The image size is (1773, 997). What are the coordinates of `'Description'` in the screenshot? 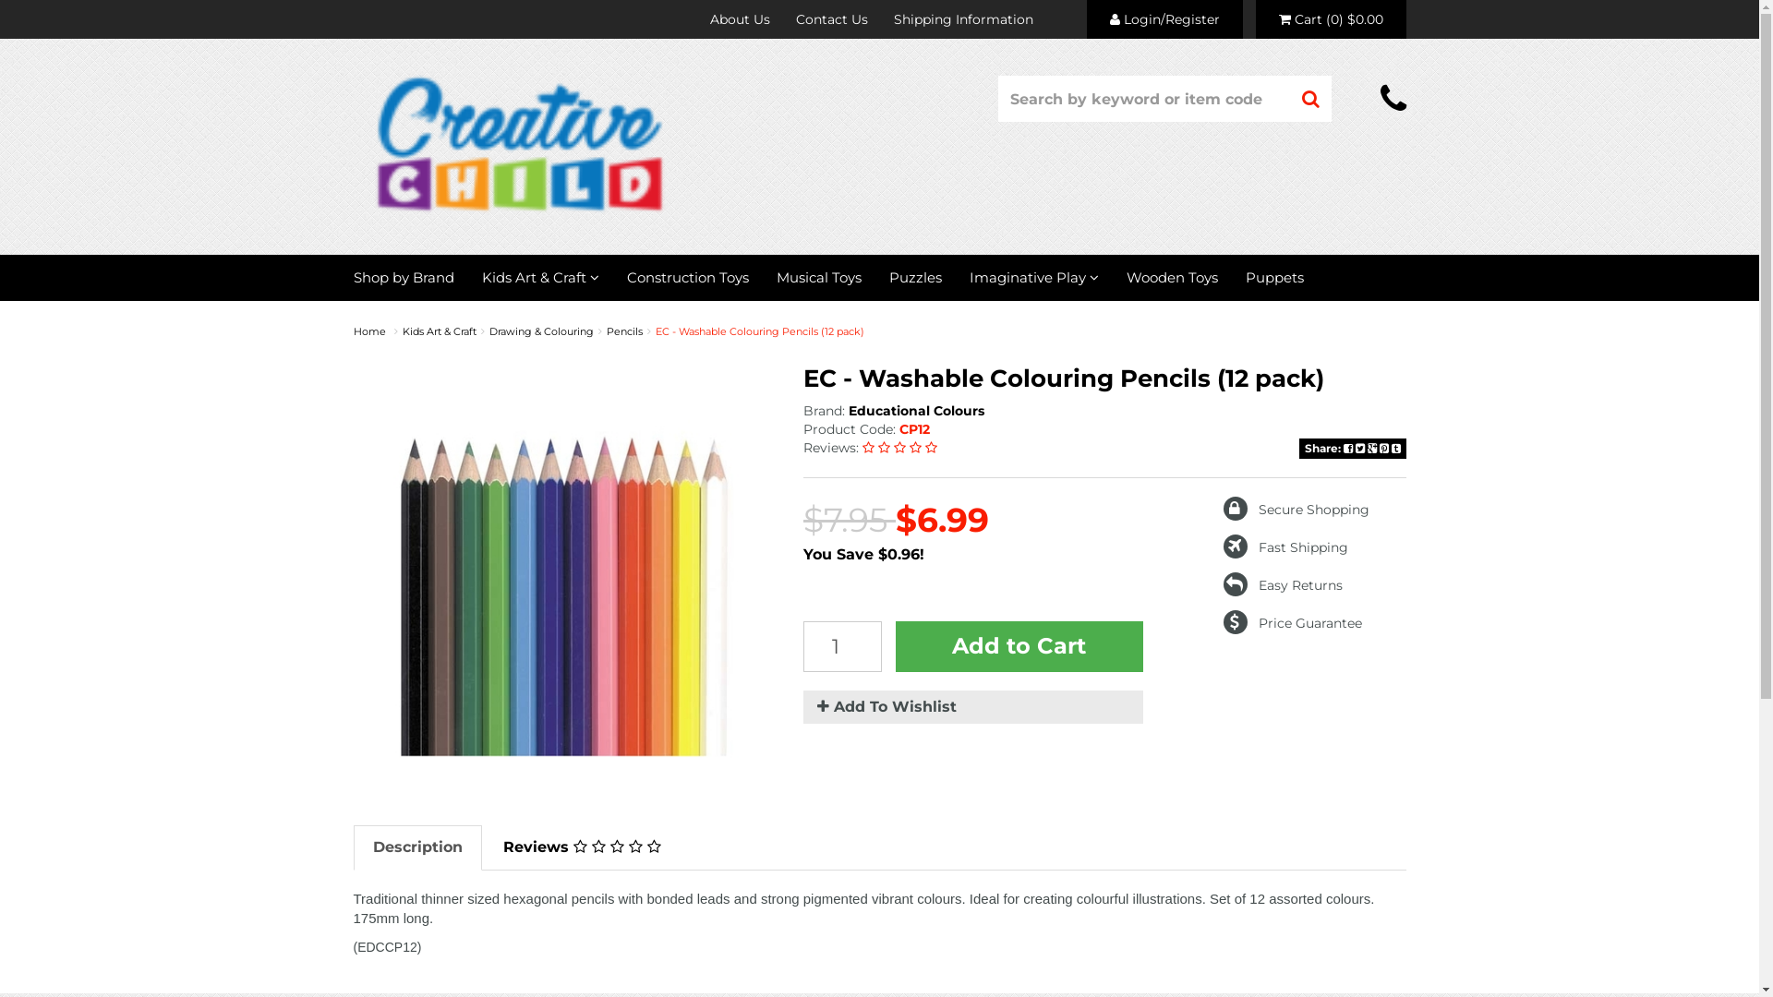 It's located at (416, 847).